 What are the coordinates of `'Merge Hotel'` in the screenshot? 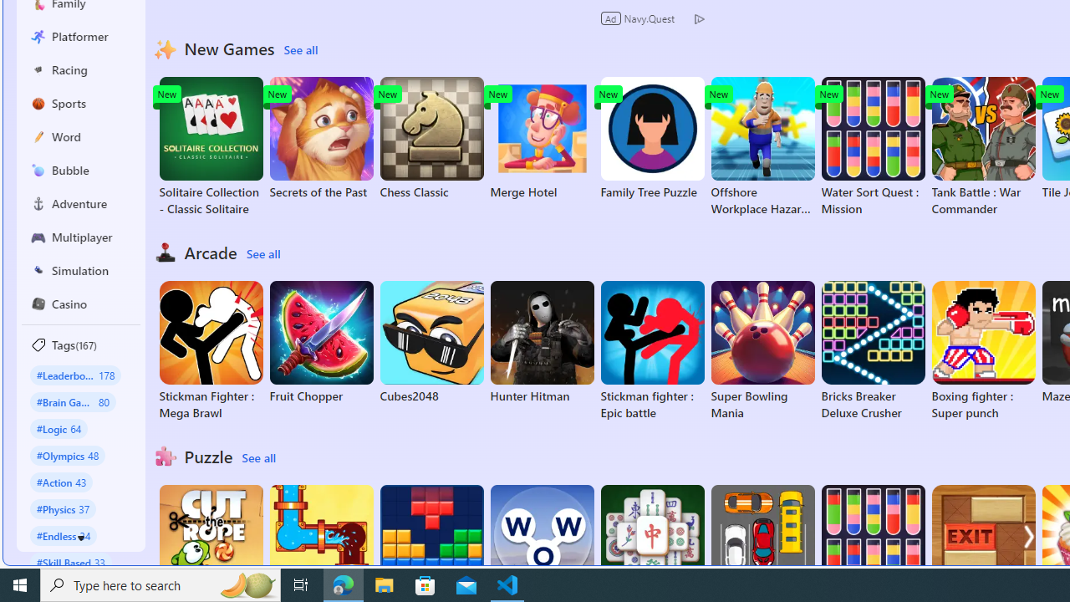 It's located at (542, 137).